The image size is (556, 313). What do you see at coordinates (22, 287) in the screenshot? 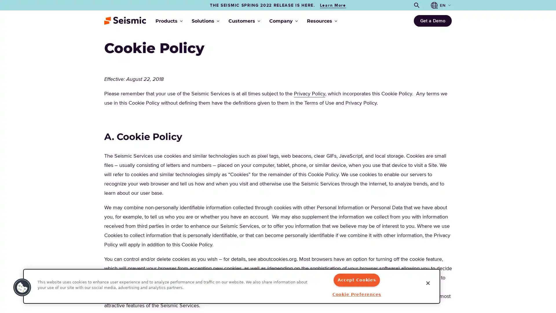
I see `Cookies` at bounding box center [22, 287].